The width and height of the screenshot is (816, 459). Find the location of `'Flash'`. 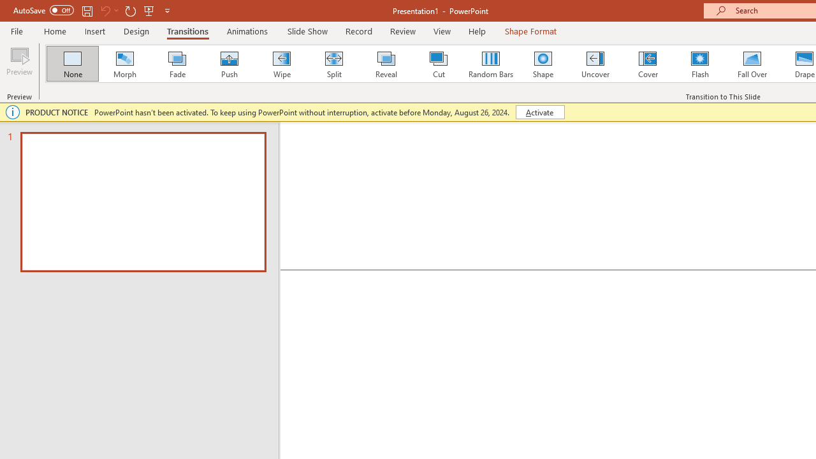

'Flash' is located at coordinates (699, 64).